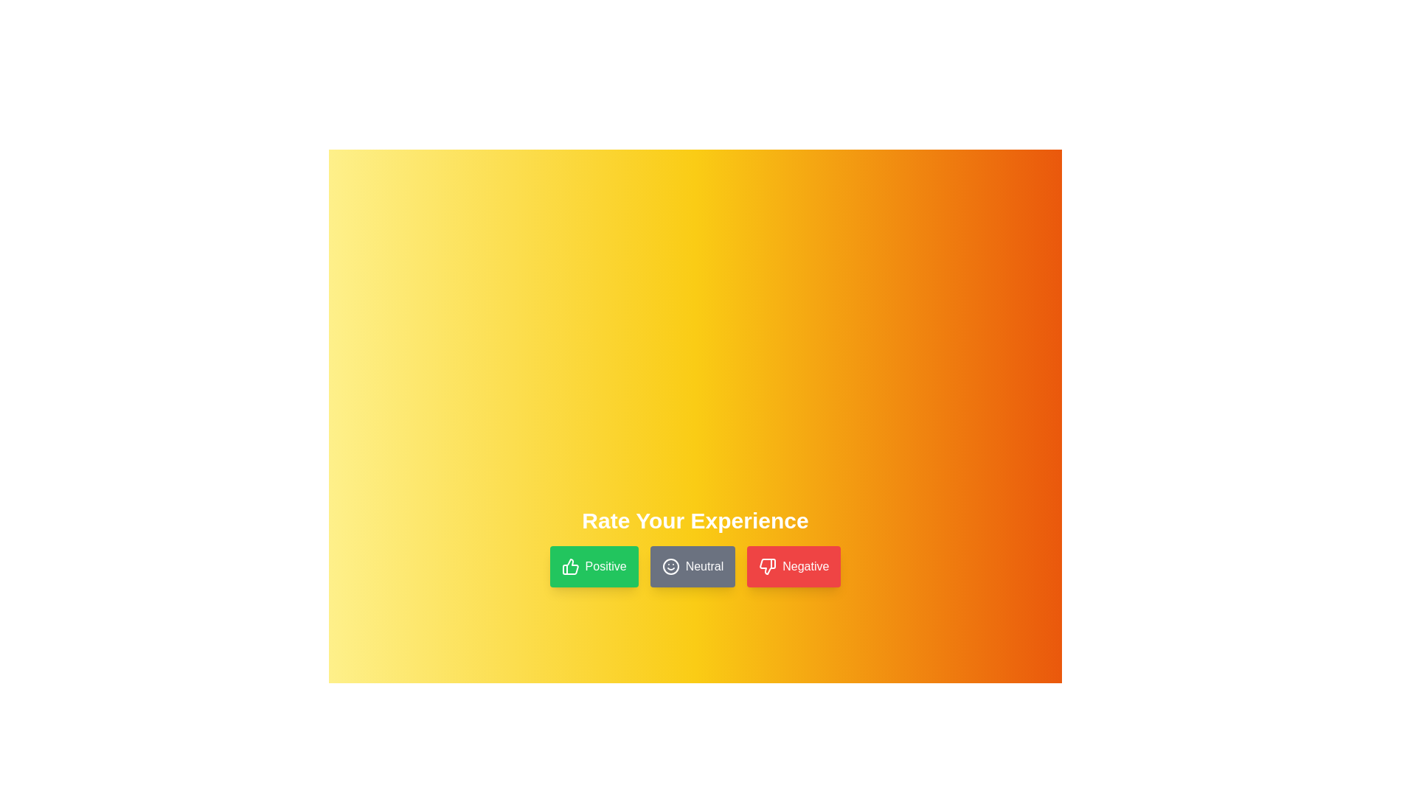 The width and height of the screenshot is (1416, 796). I want to click on the 'Neutral' feedback button, which is a gray rectangular button with a white smiley face icon and the text 'Neutral' to the right, located between the 'Positive' and 'Negative' buttons, so click(692, 565).